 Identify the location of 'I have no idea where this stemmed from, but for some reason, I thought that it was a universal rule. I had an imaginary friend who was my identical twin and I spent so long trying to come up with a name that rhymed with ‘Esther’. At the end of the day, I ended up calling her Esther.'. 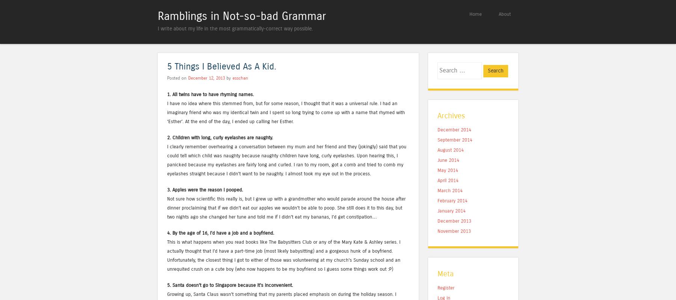
(285, 112).